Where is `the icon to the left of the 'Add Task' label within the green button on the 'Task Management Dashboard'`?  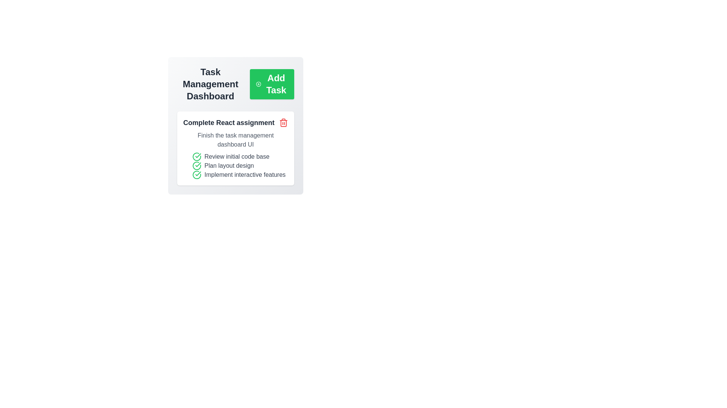
the icon to the left of the 'Add Task' label within the green button on the 'Task Management Dashboard' is located at coordinates (259, 84).